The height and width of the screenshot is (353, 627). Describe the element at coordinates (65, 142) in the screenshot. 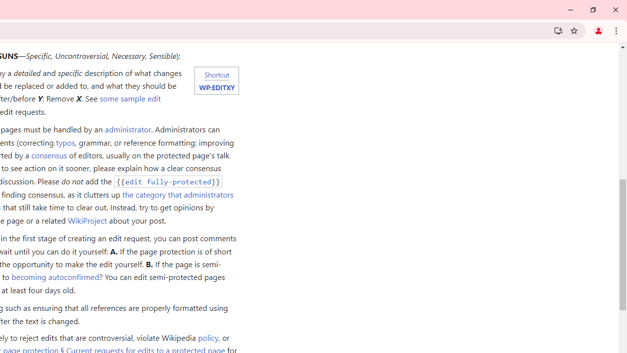

I see `'typos'` at that location.